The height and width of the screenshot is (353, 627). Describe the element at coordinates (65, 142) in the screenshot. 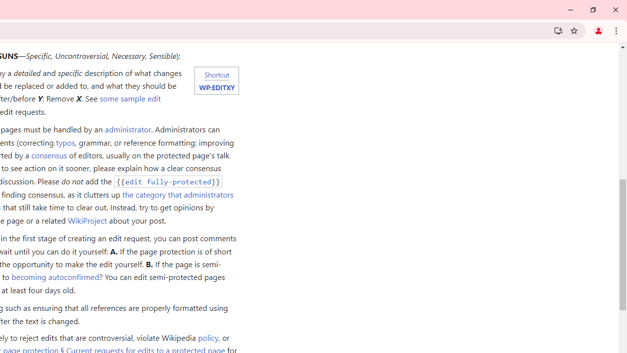

I see `'typos'` at that location.